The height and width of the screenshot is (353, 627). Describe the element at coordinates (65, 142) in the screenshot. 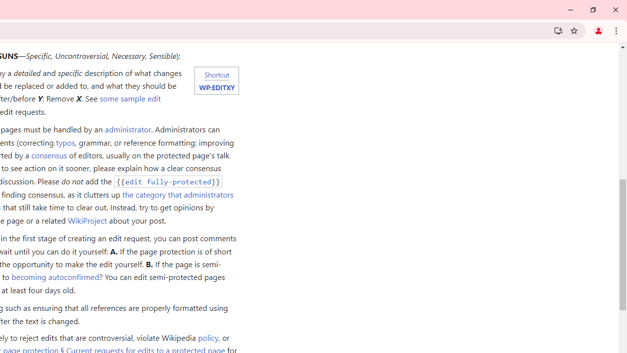

I see `'typos'` at that location.